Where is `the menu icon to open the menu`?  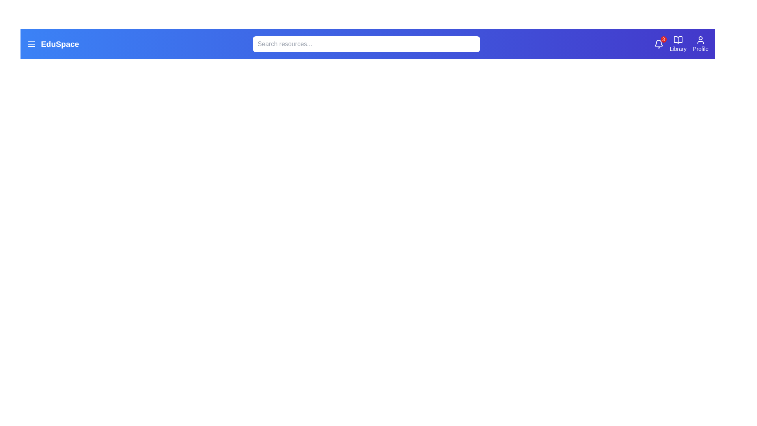
the menu icon to open the menu is located at coordinates (32, 44).